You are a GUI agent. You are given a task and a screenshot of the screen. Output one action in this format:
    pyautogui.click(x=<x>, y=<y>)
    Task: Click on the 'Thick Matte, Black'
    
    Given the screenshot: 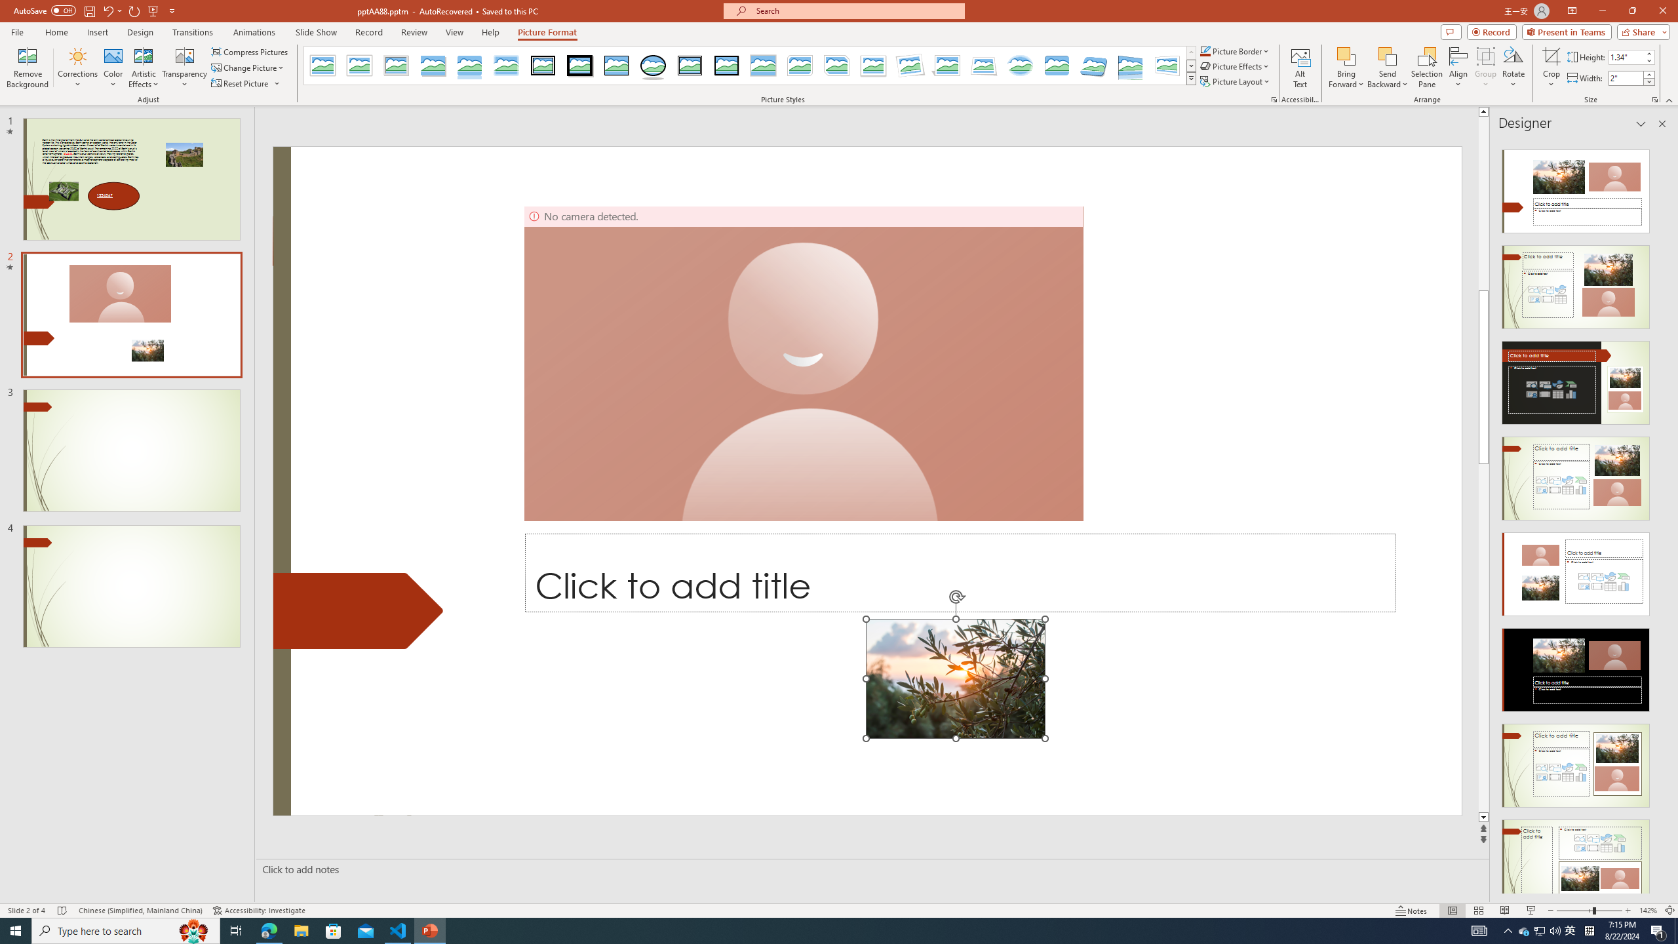 What is the action you would take?
    pyautogui.click(x=579, y=65)
    